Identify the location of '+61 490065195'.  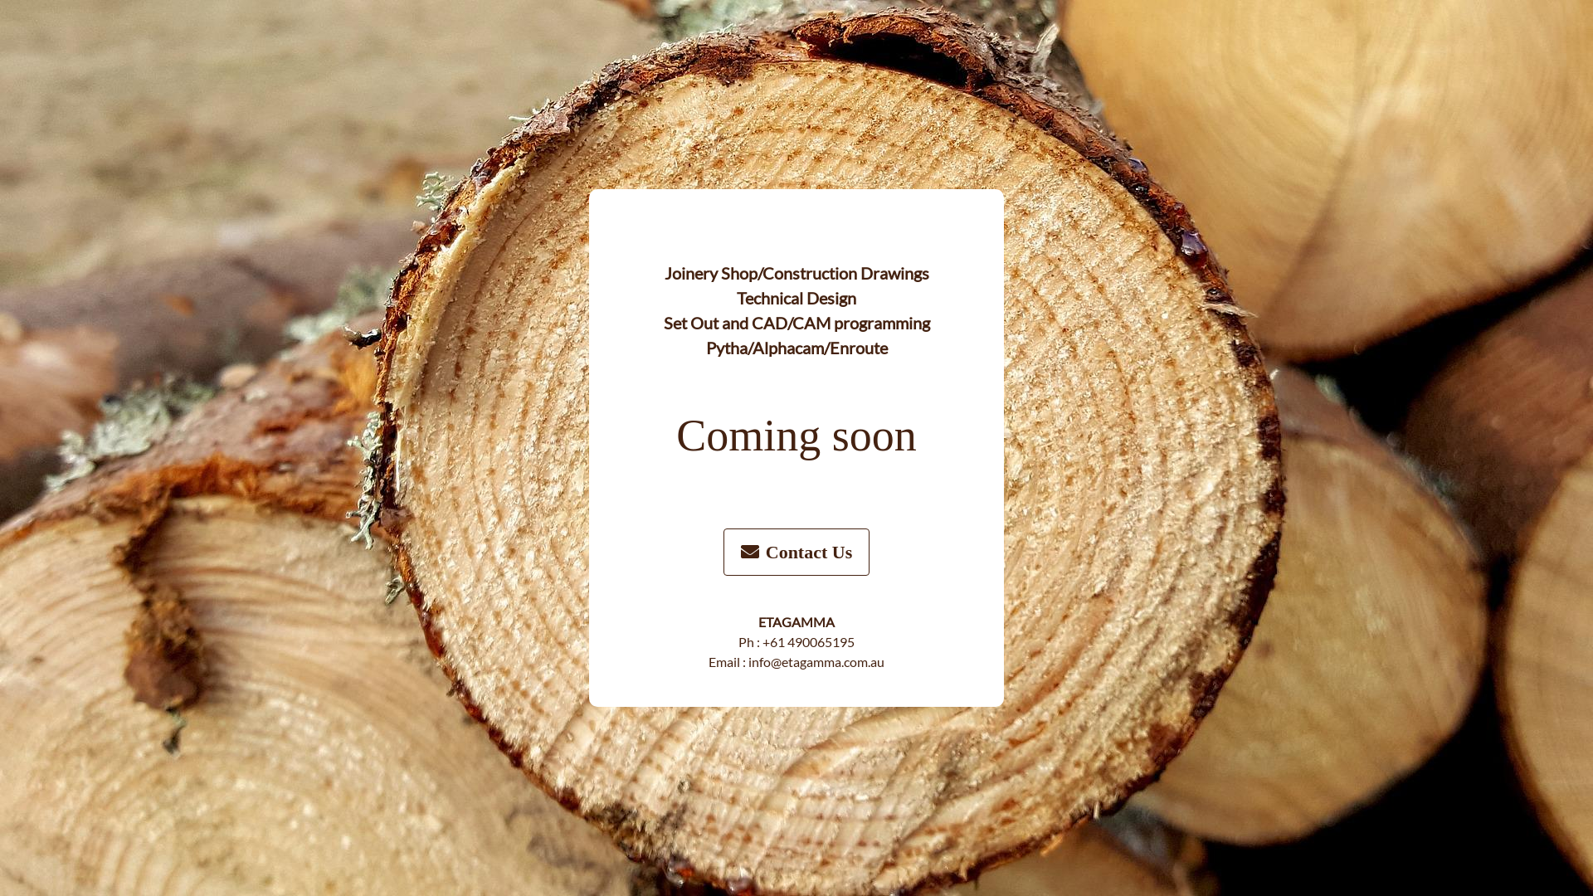
(808, 640).